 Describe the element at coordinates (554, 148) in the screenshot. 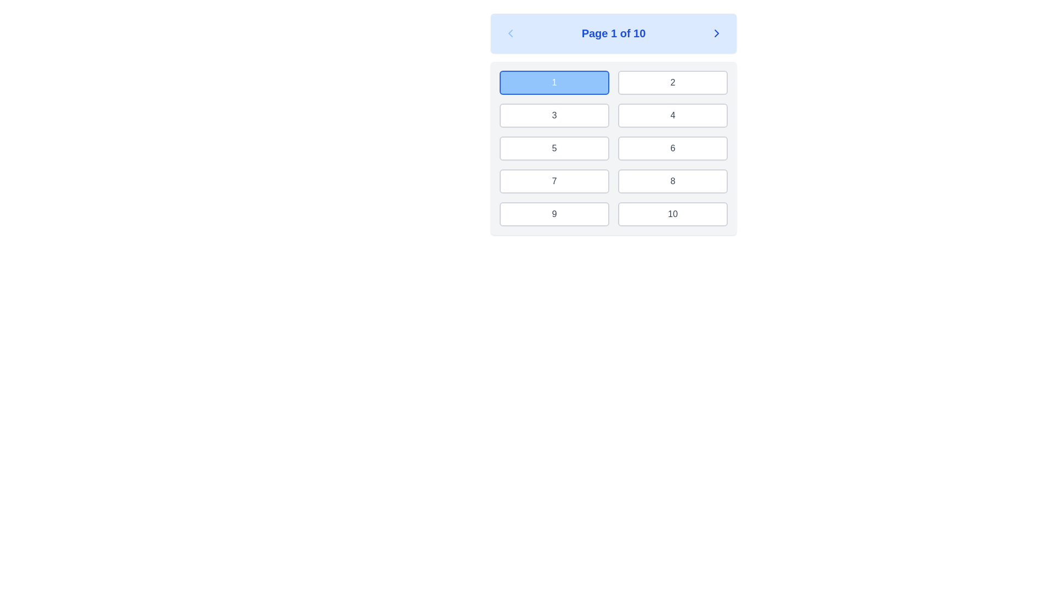

I see `the rectangular button with a light white background and the text '5' in gray font located in the first column of the third row in a 2x5 grid layout` at that location.